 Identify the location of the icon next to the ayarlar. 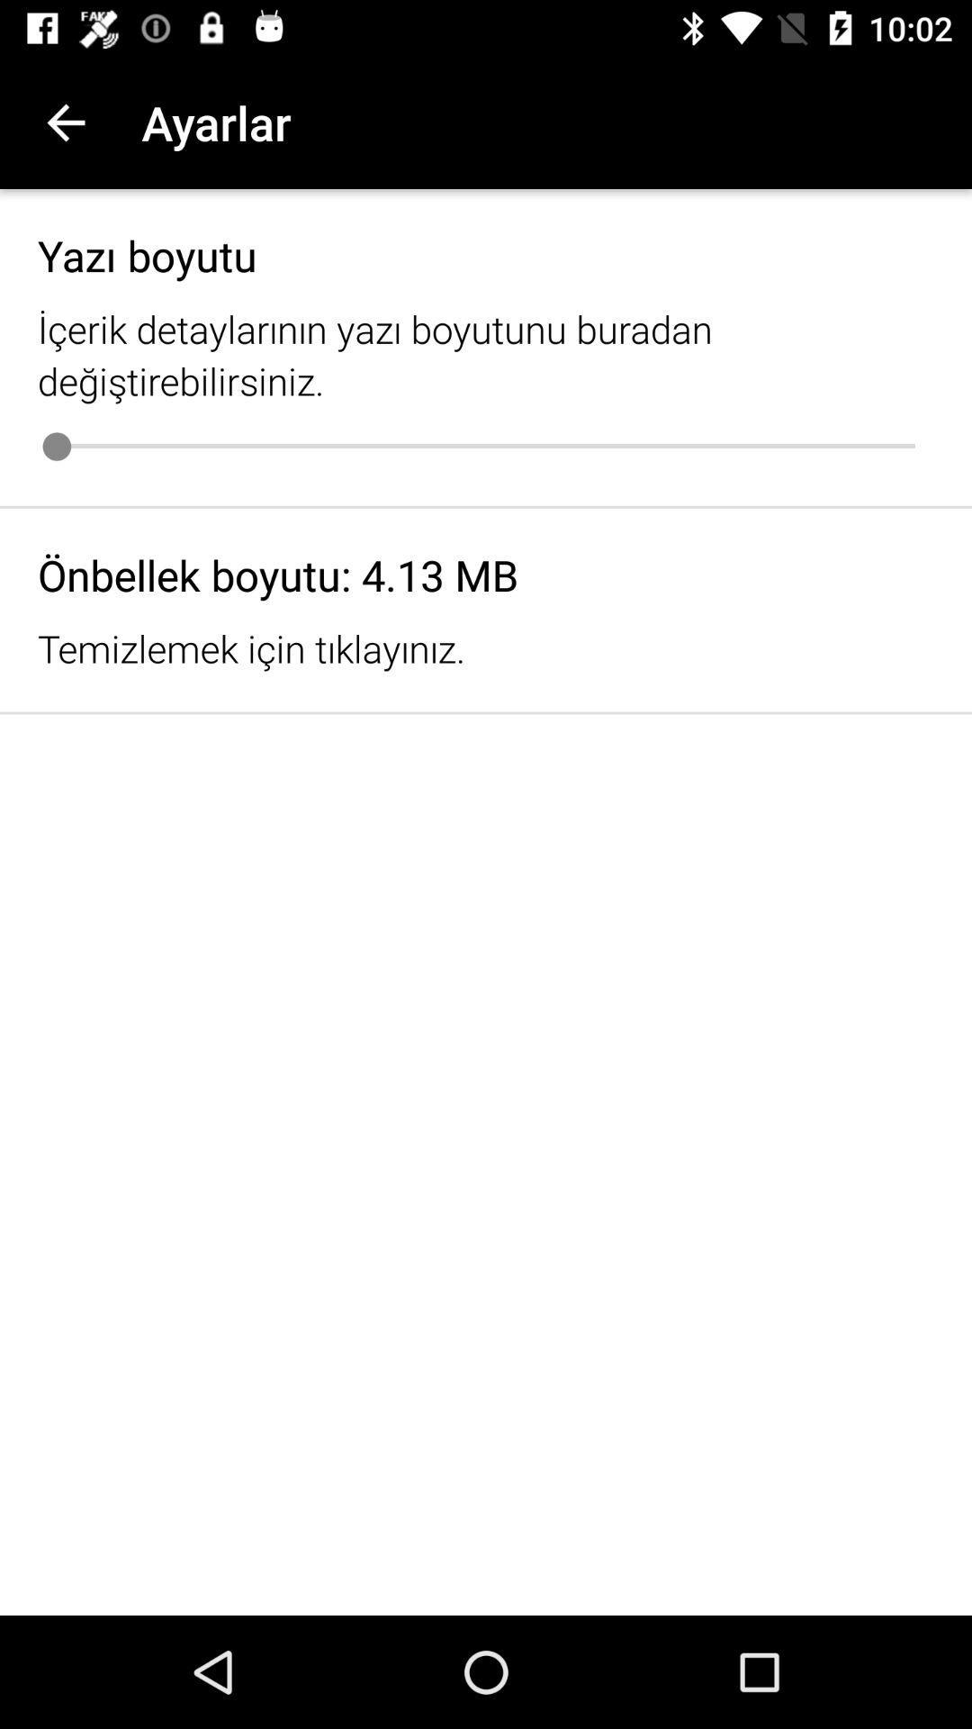
(65, 122).